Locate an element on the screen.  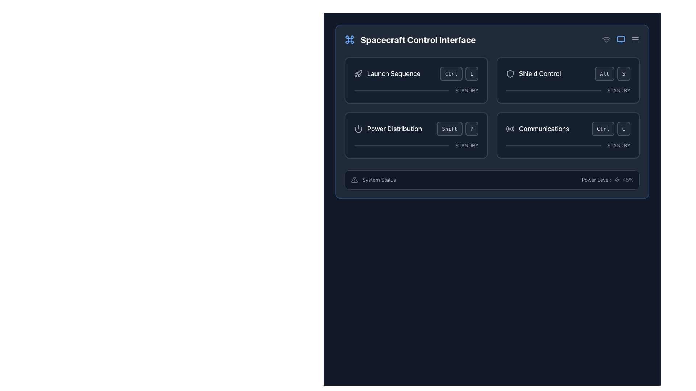
text displayed in the 'System Status' label, which is in a small gray font and located in the bottom section of the interface next to a warning icon is located at coordinates (379, 180).